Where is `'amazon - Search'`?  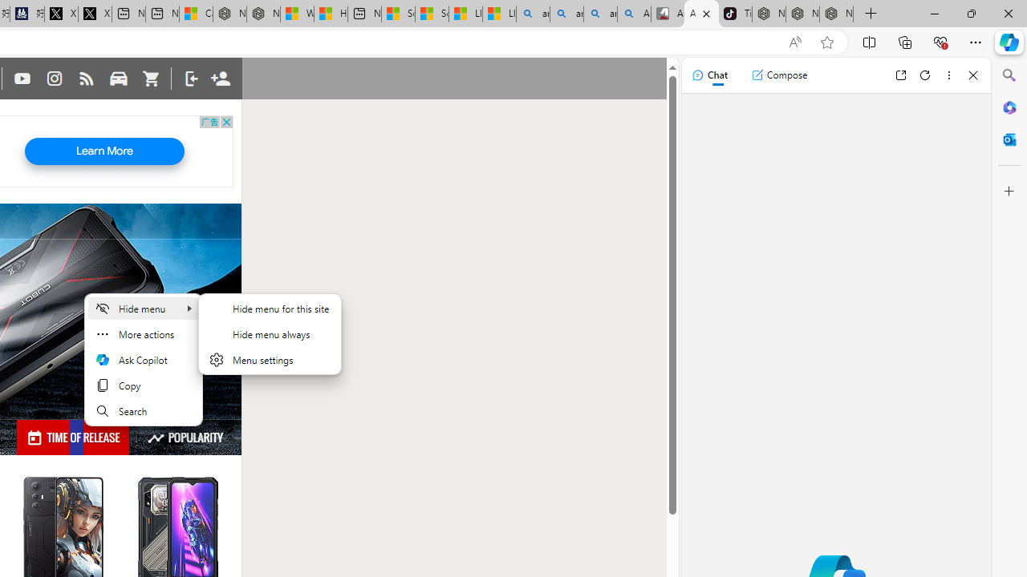 'amazon - Search' is located at coordinates (566, 14).